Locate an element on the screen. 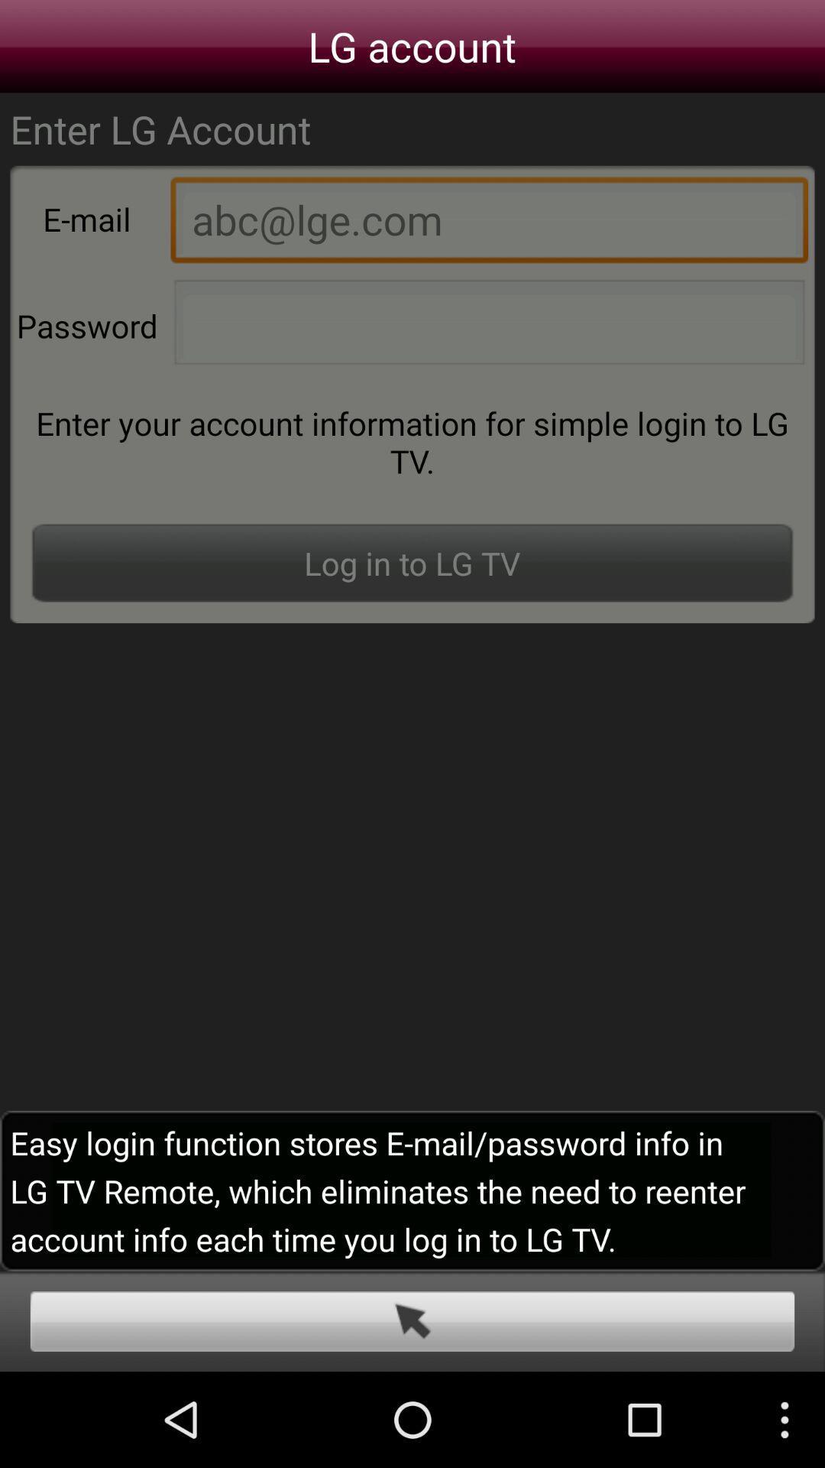 This screenshot has height=1468, width=825. the password is located at coordinates (489, 326).